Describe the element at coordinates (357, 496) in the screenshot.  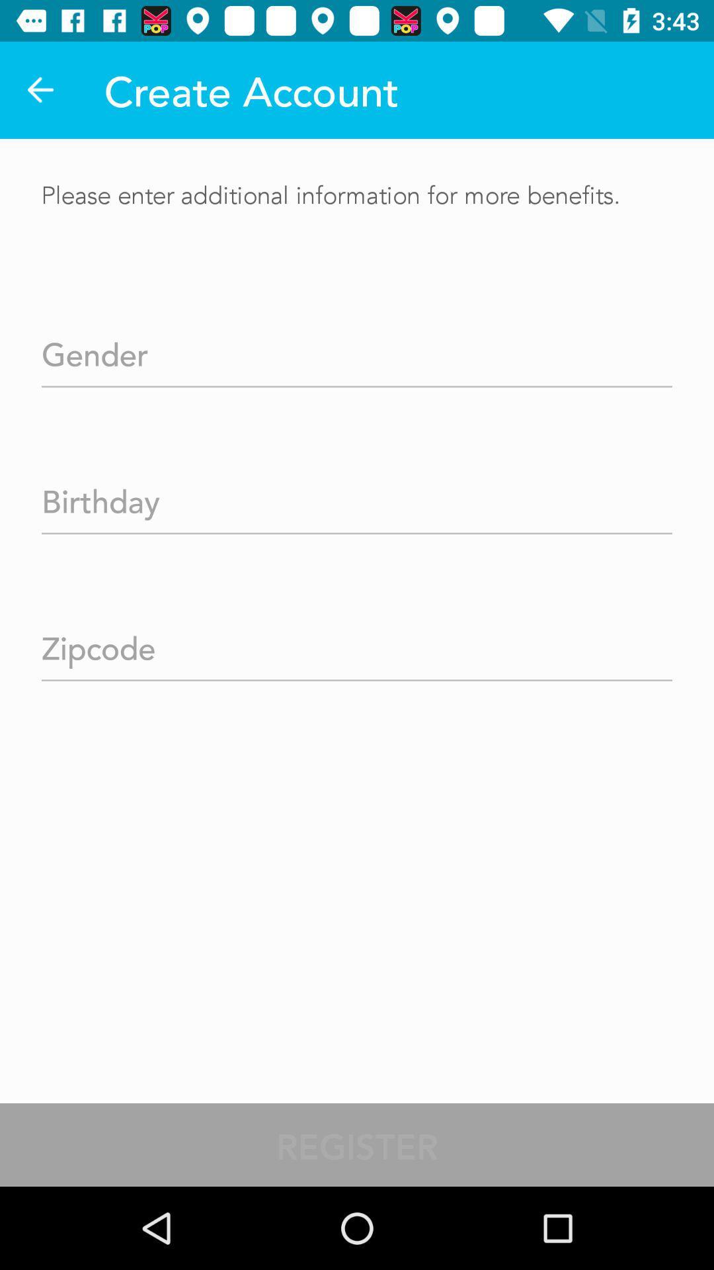
I see `sapce to enter date` at that location.